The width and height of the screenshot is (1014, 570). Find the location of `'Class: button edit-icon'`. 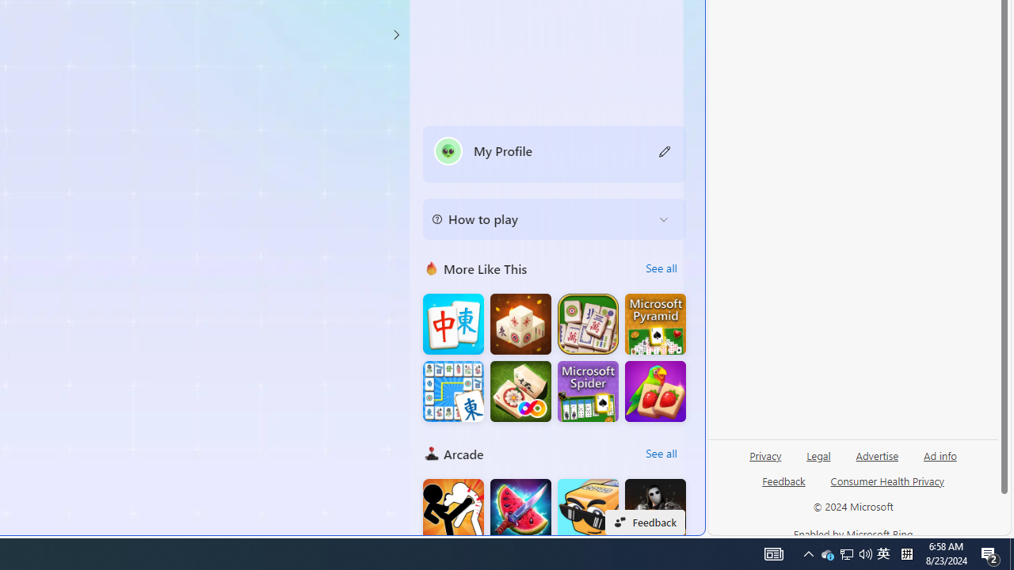

'Class: button edit-icon' is located at coordinates (665, 150).